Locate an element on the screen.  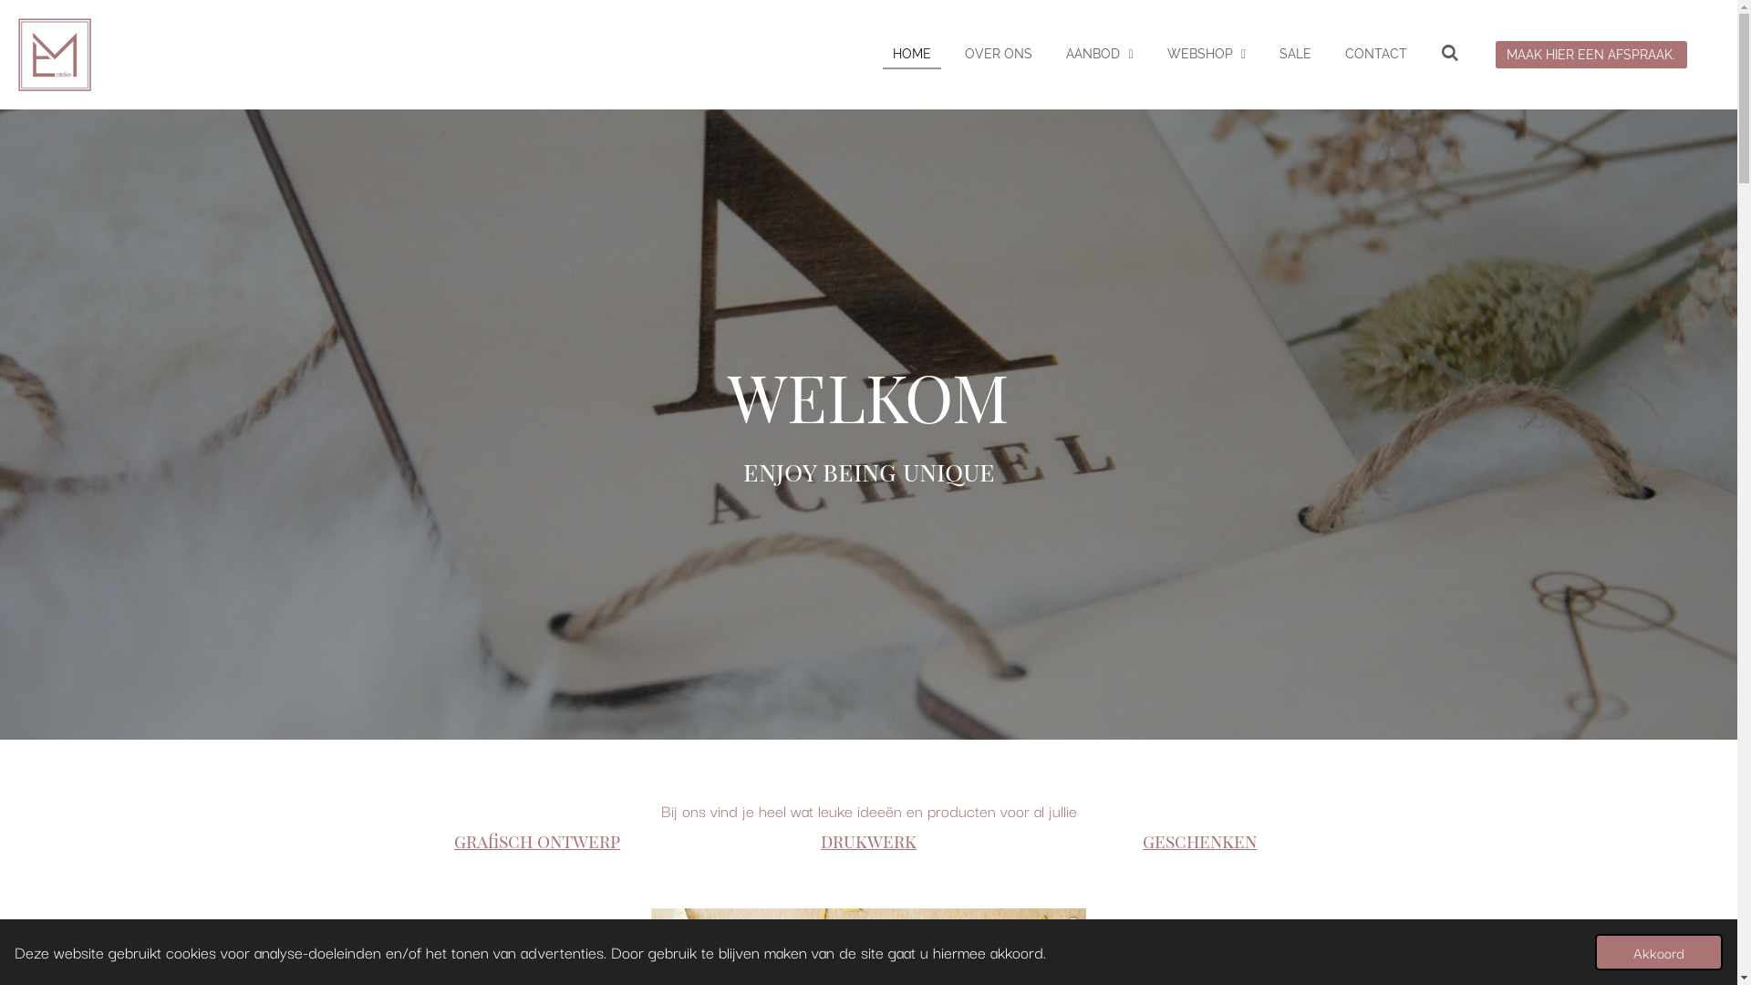
'Zoeken' is located at coordinates (1430, 53).